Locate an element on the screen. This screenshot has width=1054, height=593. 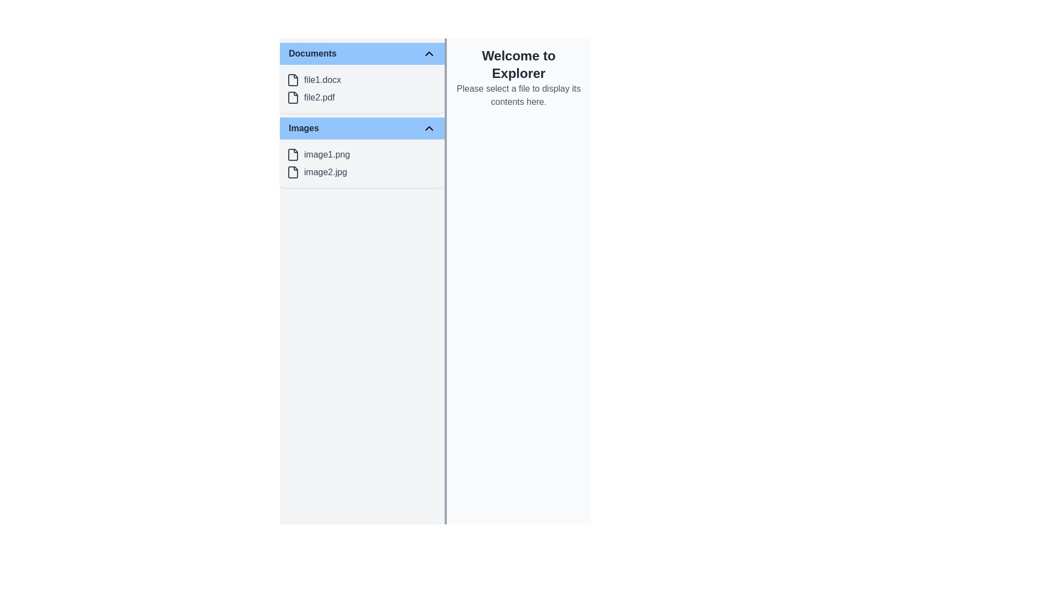
the upward-pointing chevron toggle icon located in the rightmost part of the blue header labeled 'Documents' is located at coordinates (429, 53).